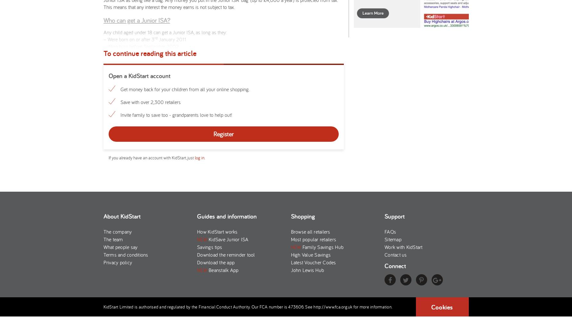 Image resolution: width=572 pixels, height=320 pixels. I want to click on 'Which Junior ISA is right for me?', so click(144, 272).